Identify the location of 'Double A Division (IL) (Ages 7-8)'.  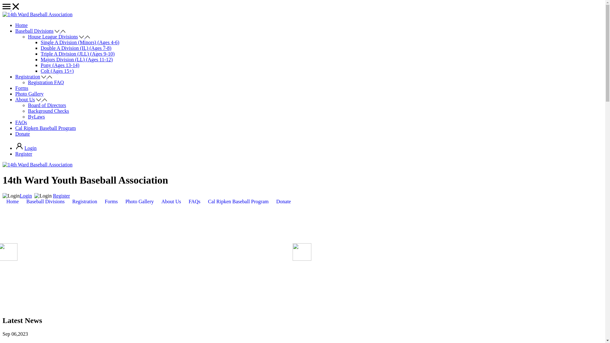
(76, 48).